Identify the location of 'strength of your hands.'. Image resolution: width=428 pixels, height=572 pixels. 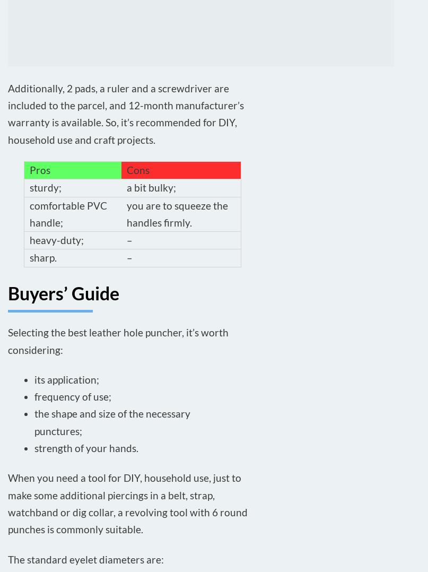
(86, 448).